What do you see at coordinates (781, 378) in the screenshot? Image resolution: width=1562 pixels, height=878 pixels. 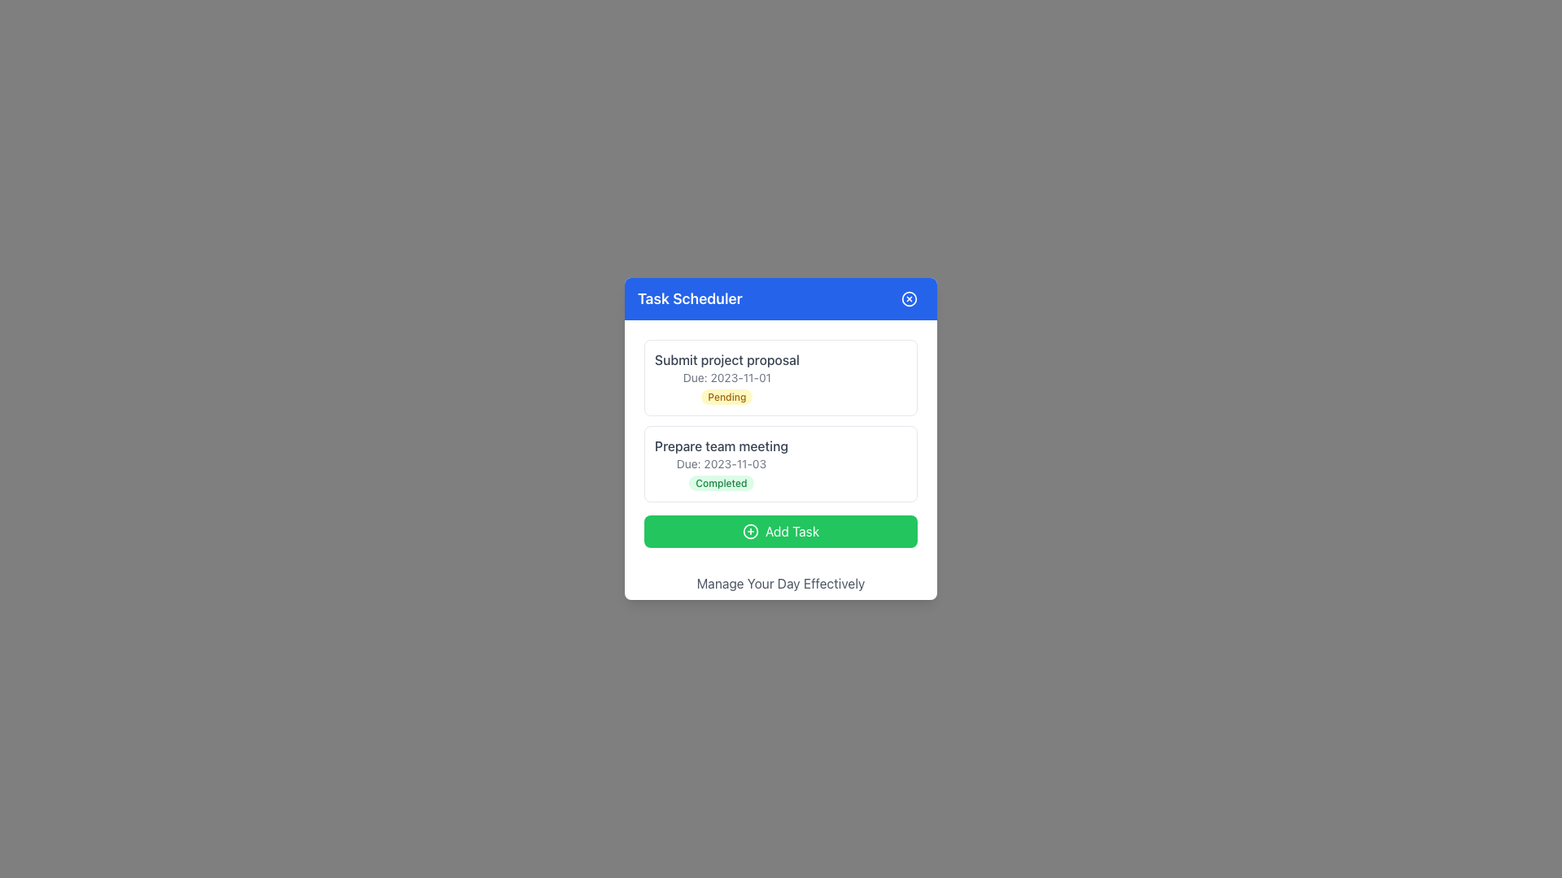 I see `contents of the first task item in the task scheduler application located under the blue title bar labeled 'Task Scheduler'` at bounding box center [781, 378].